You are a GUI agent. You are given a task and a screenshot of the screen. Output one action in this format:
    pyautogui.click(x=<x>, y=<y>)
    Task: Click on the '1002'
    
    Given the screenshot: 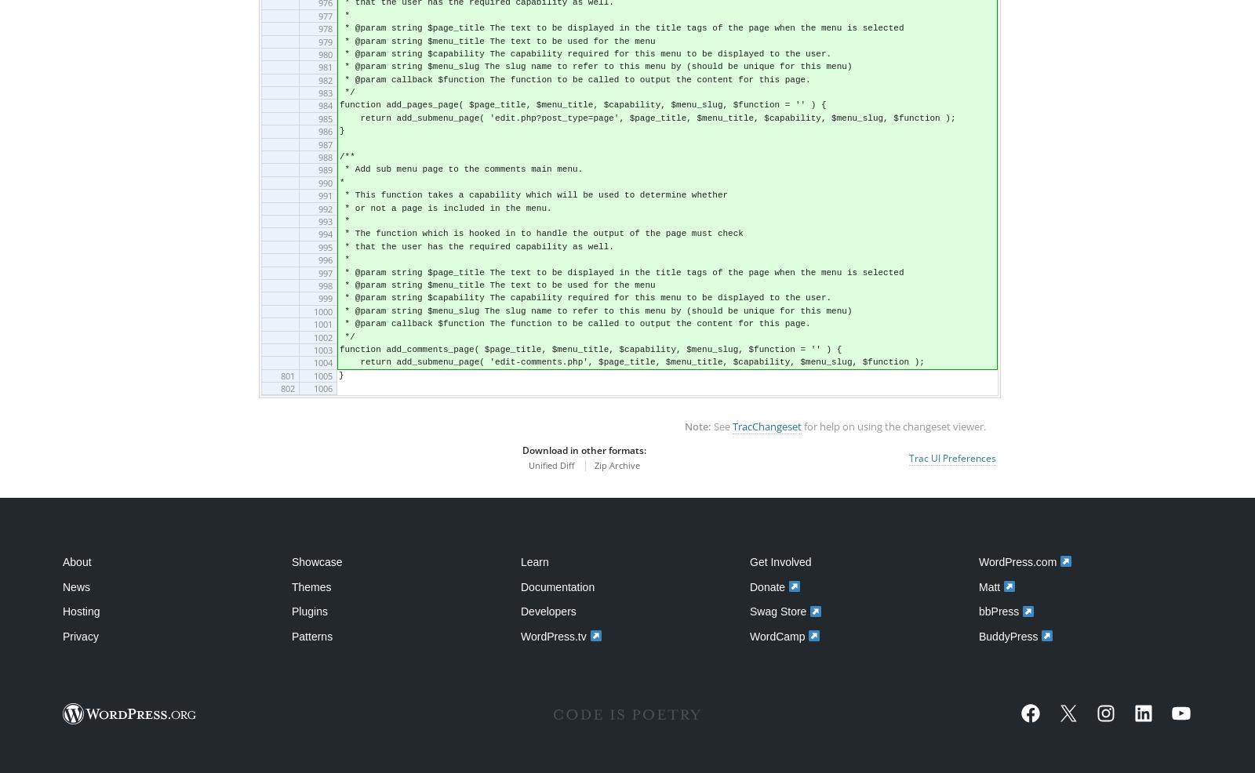 What is the action you would take?
    pyautogui.click(x=322, y=336)
    